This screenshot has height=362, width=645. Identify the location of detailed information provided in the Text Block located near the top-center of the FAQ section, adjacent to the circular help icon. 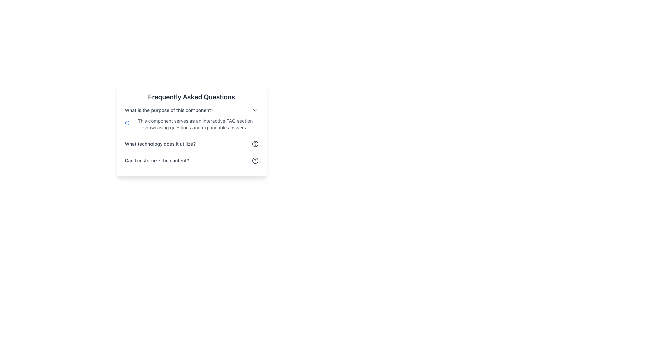
(195, 124).